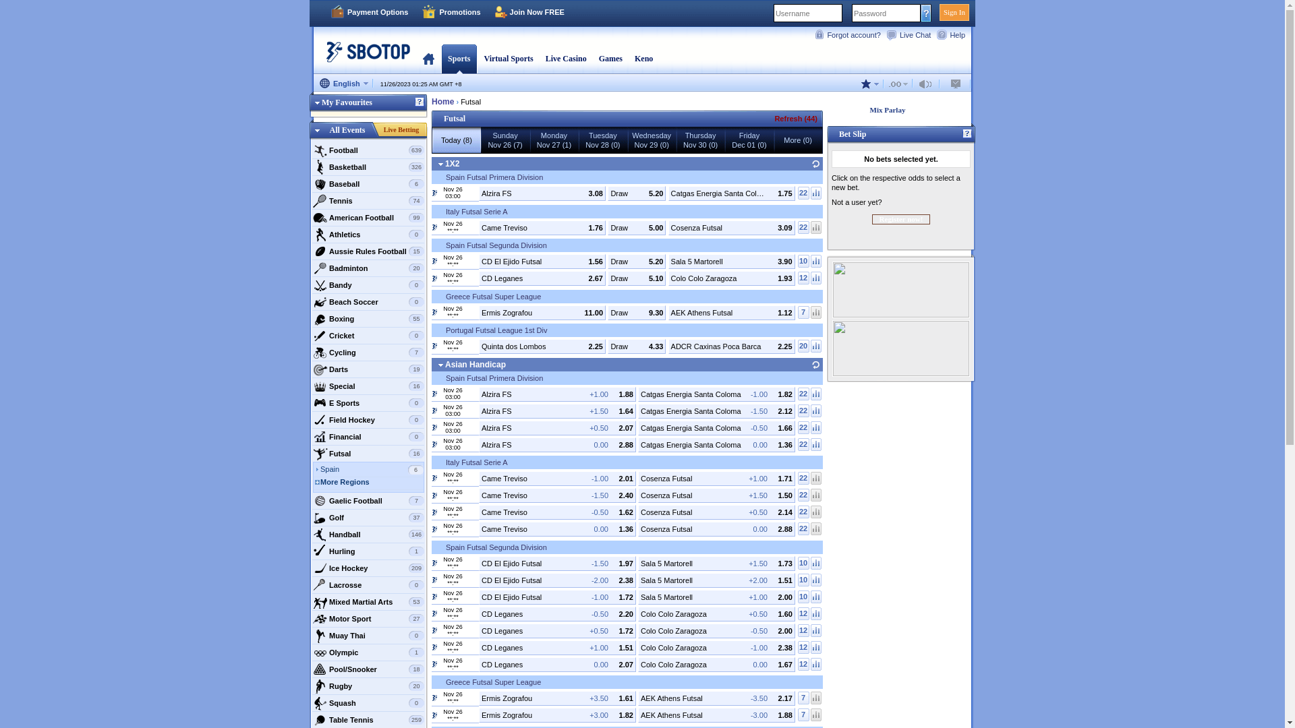  What do you see at coordinates (368, 200) in the screenshot?
I see `'Tennis` at bounding box center [368, 200].